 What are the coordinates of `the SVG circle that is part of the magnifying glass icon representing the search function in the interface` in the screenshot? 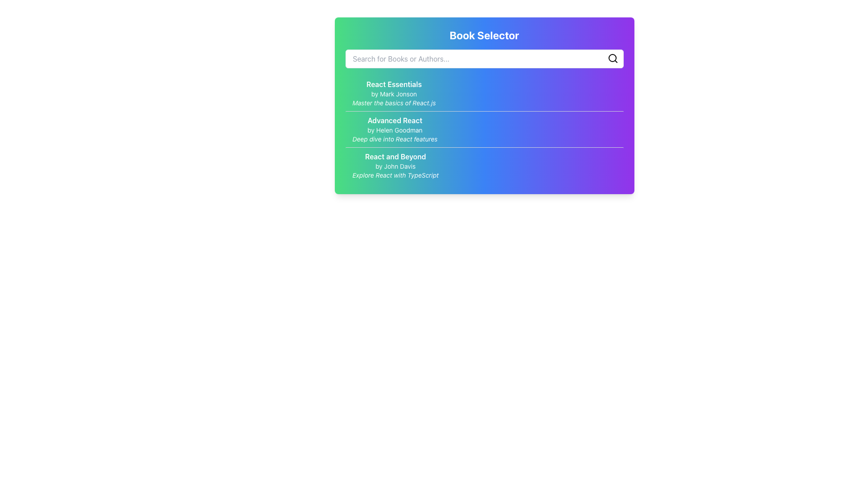 It's located at (612, 58).